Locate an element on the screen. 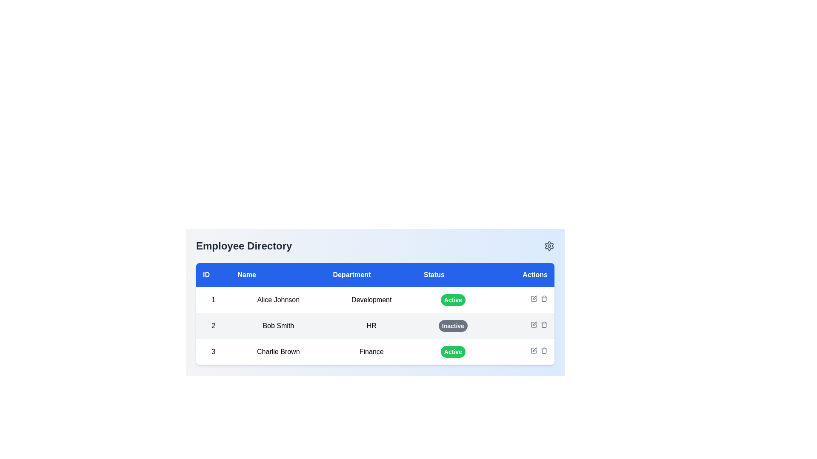 This screenshot has height=459, width=817. the settings icon resembling a gray cogwheel, which is aligned to the right side of the 'Employee Directory' heading is located at coordinates (549, 246).